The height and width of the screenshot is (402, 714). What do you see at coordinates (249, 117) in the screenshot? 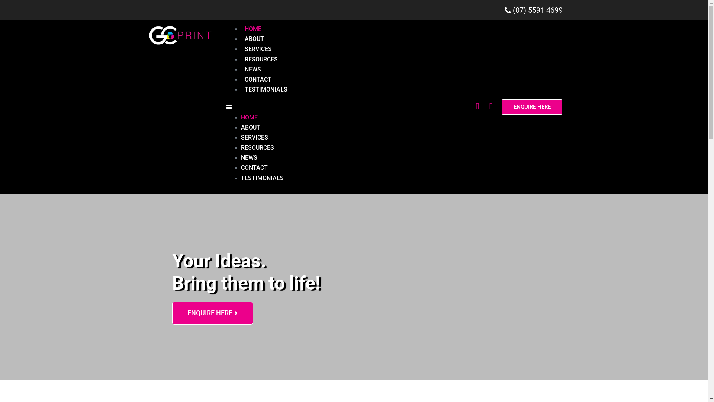
I see `'HOME'` at bounding box center [249, 117].